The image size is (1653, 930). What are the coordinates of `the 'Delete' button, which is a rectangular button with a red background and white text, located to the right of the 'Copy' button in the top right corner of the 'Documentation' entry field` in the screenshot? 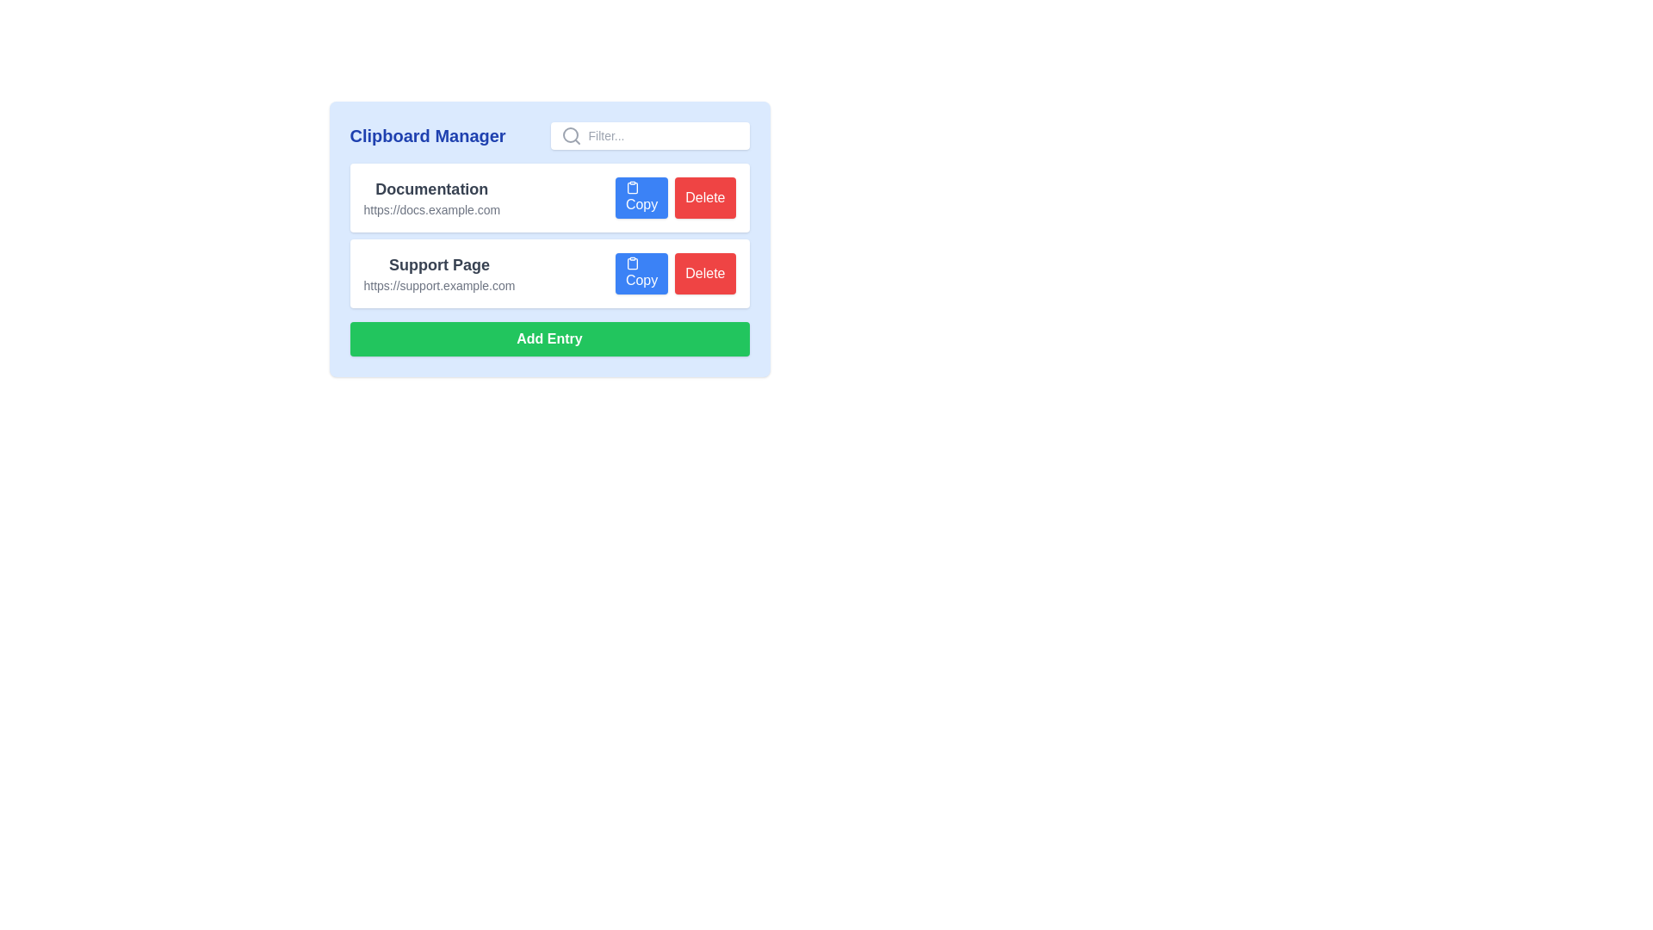 It's located at (705, 197).